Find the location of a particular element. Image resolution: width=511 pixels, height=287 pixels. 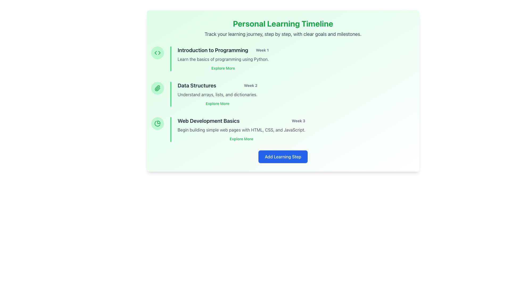

the 'Explore More' hyperlink, which is styled in green, bold, and underlined, located below the 'Introduction to Programming' section in the 'Personal Learning Timeline' interface is located at coordinates (223, 68).